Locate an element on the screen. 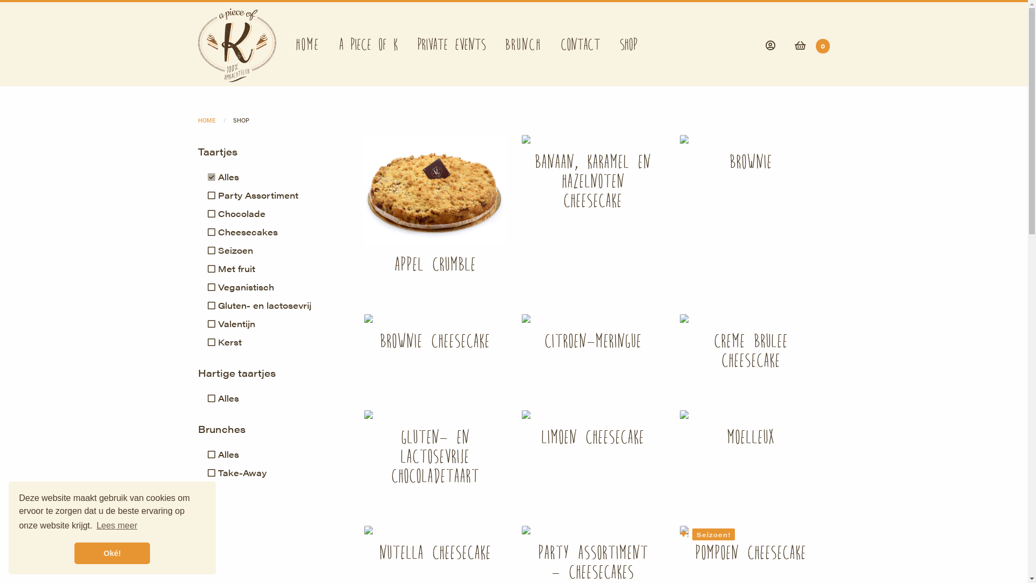 The image size is (1036, 583). 'Limoen cheesecake' is located at coordinates (521, 433).